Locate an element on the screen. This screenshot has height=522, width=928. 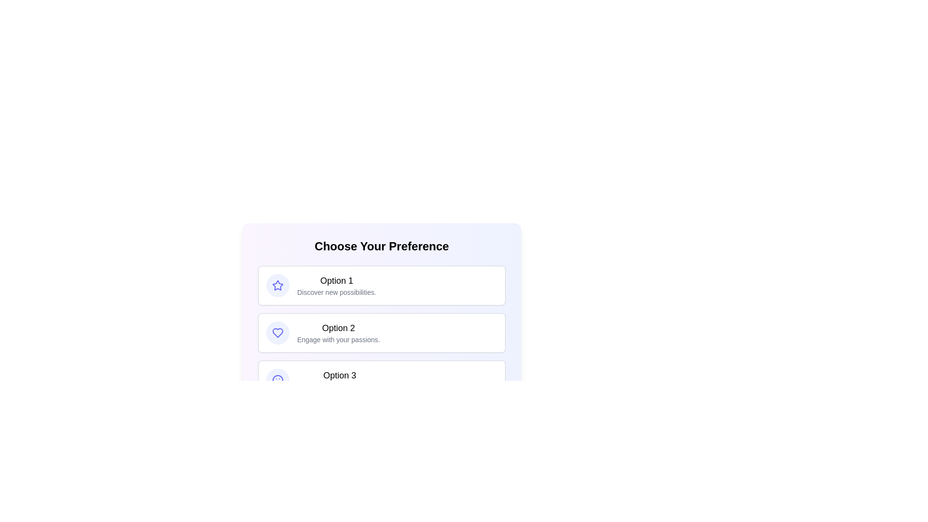
the selectable Text Block labeled 'Option 2' that engages with passions is located at coordinates (338, 333).